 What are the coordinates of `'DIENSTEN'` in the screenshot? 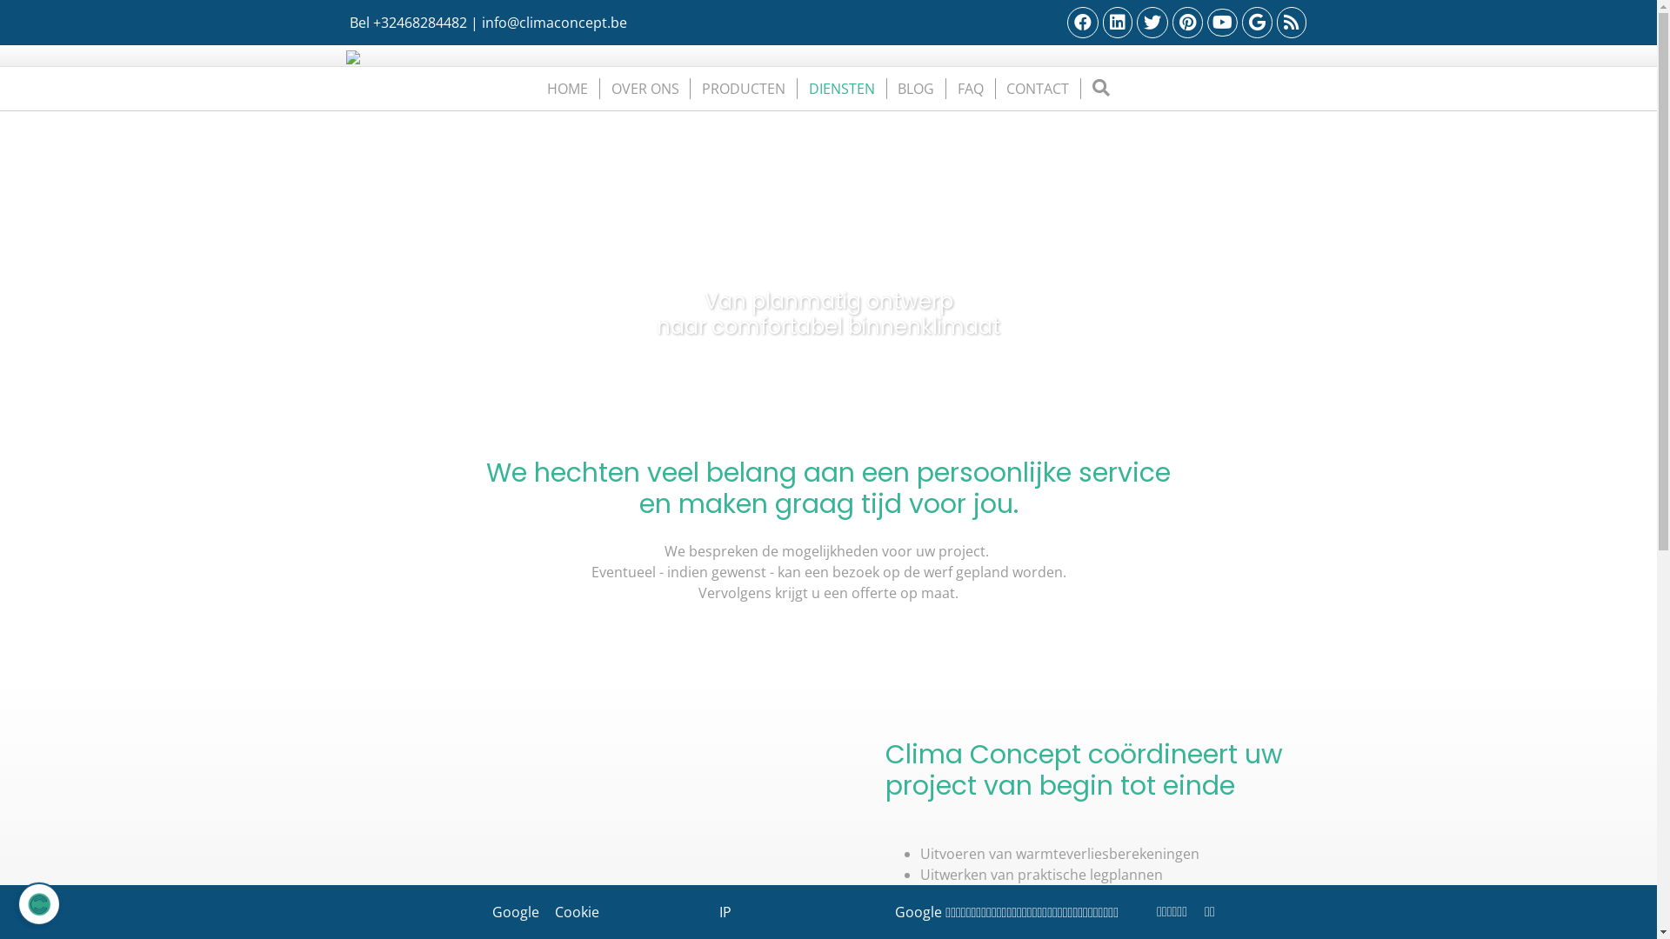 It's located at (842, 88).